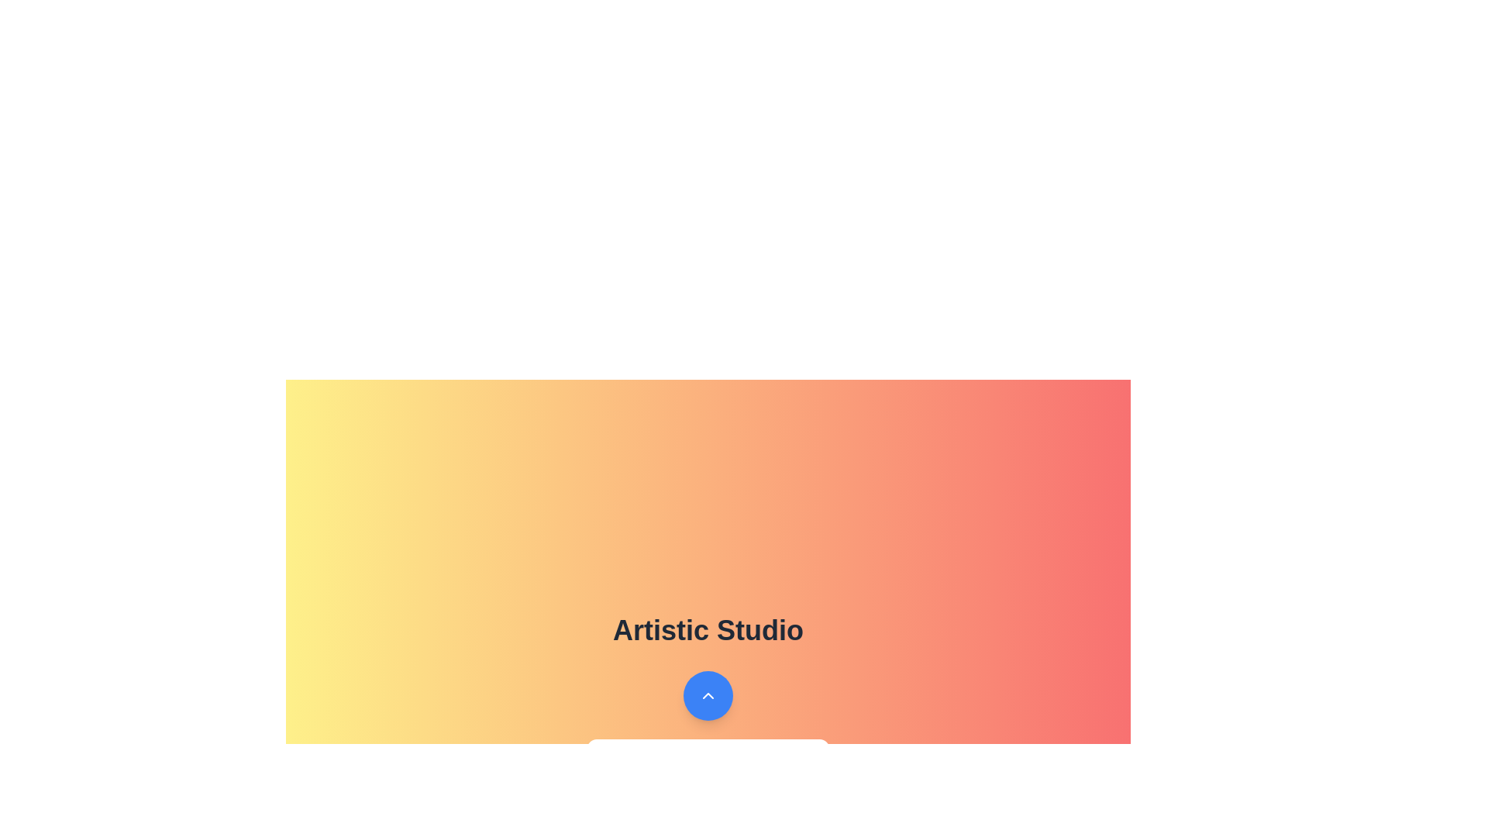 The height and width of the screenshot is (837, 1488). What do you see at coordinates (707, 695) in the screenshot?
I see `blue button to toggle the menu visibility` at bounding box center [707, 695].